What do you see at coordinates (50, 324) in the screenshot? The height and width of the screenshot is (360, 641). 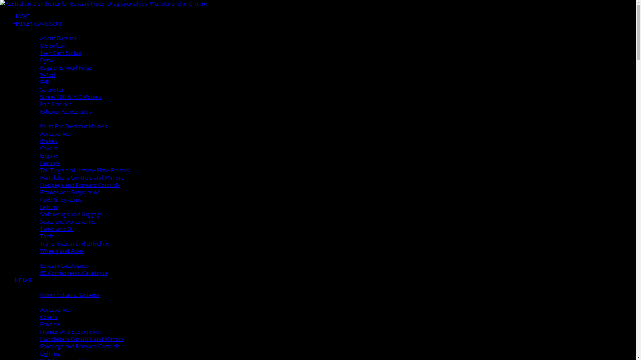 I see `'Fenders'` at bounding box center [50, 324].